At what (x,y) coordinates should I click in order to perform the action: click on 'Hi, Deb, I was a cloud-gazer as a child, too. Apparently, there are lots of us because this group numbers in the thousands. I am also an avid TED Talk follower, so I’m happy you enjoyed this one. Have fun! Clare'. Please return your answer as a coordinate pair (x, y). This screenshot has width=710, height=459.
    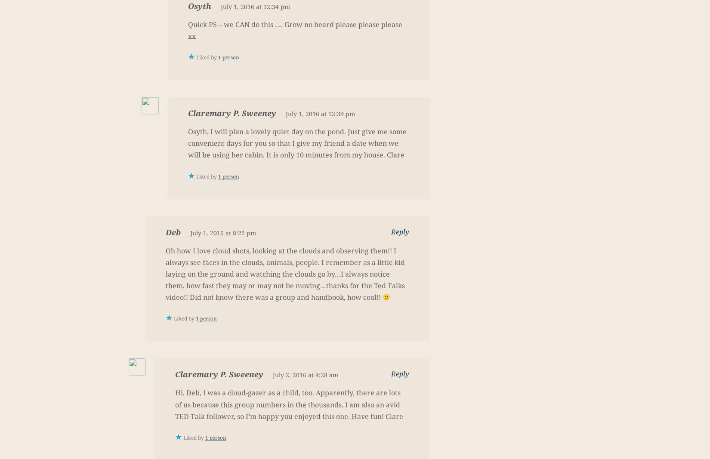
    Looking at the image, I should click on (289, 404).